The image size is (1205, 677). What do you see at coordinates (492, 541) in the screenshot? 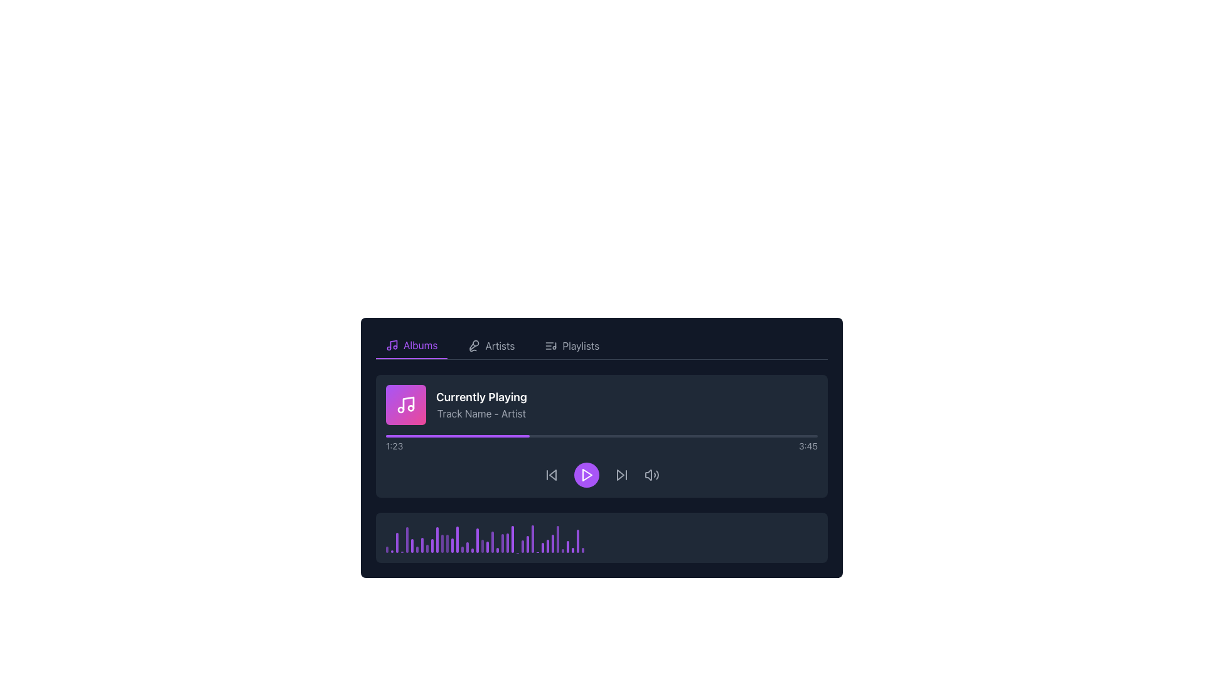
I see `the 23rd bar in the audio waveform bar graph to analyze its height and audio intensity` at bounding box center [492, 541].